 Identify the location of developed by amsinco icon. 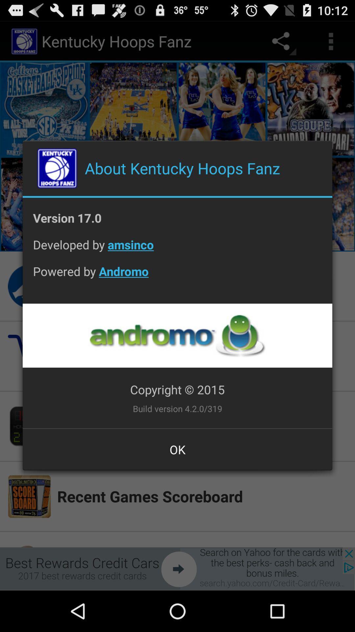
(177, 249).